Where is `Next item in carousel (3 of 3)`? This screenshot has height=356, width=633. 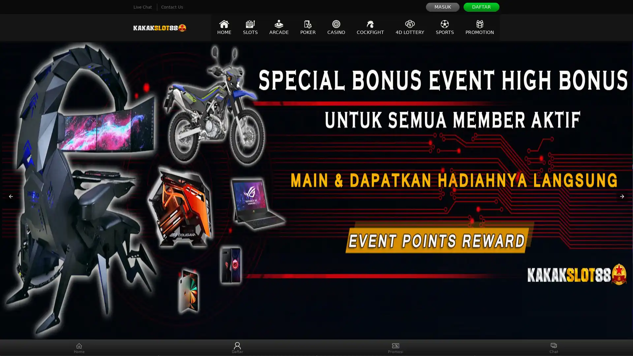
Next item in carousel (3 of 3) is located at coordinates (621, 196).